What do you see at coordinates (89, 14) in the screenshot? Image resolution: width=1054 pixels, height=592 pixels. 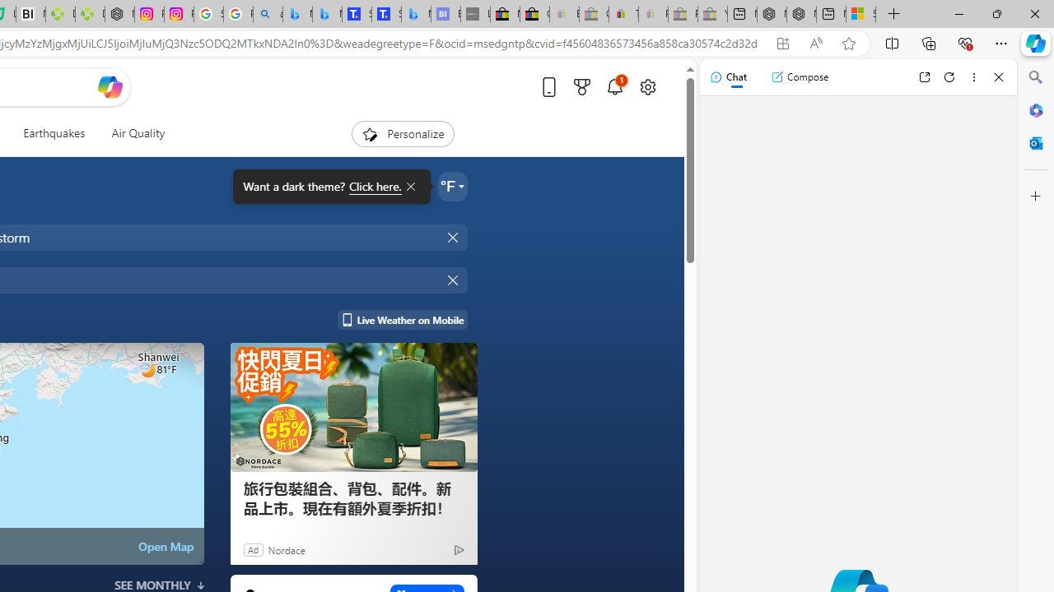 I see `'Descarga Driver Updater'` at bounding box center [89, 14].